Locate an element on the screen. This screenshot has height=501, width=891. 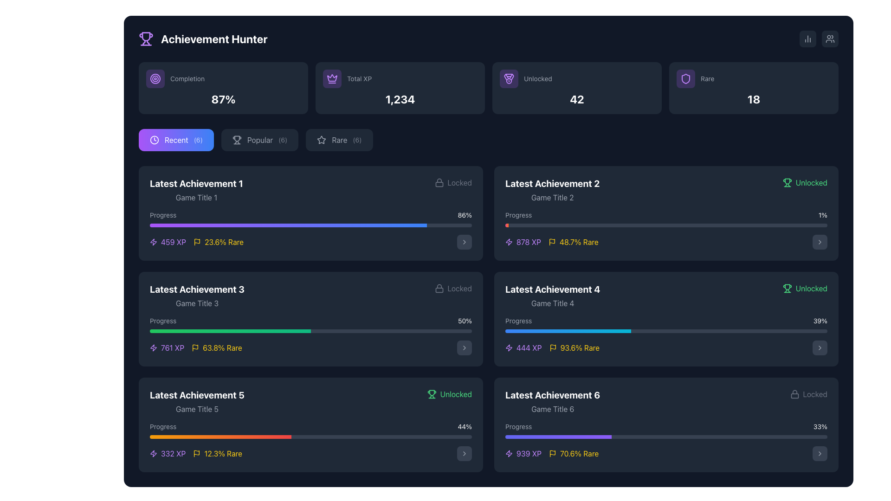
the text '444 XP' styled in purple font with a lightning bolt icon, located in the 'Latest Achievement 4' section, positioned below the progress bar in the right column of the interface is located at coordinates (523, 347).